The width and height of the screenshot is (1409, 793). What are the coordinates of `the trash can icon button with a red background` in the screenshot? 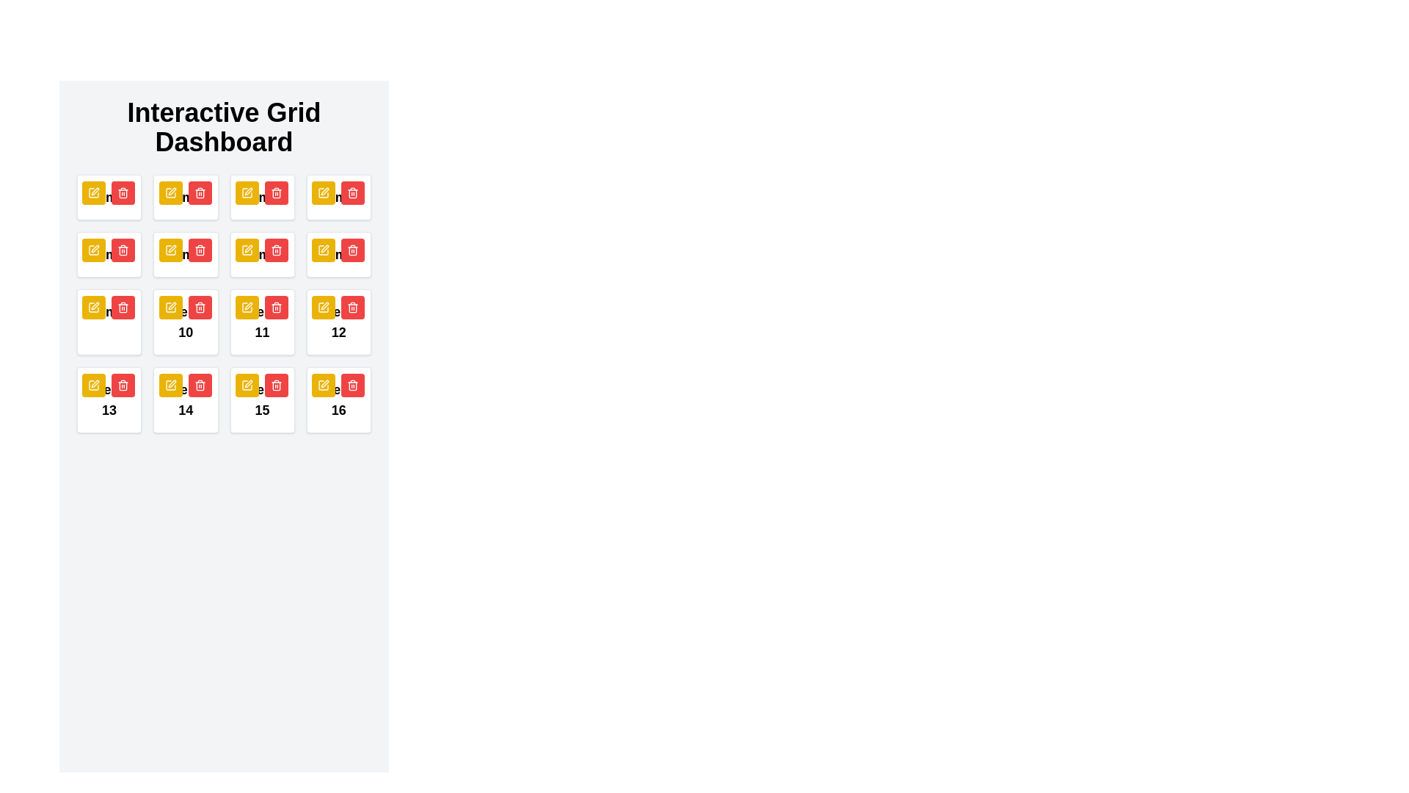 It's located at (199, 307).